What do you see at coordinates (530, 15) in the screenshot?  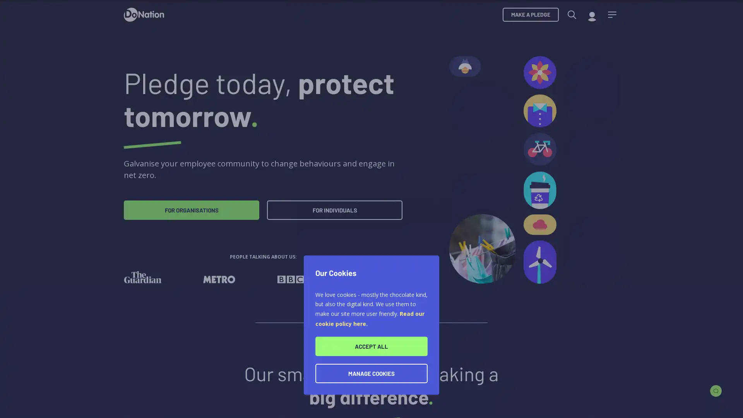 I see `MAKE A PLEDGE` at bounding box center [530, 15].